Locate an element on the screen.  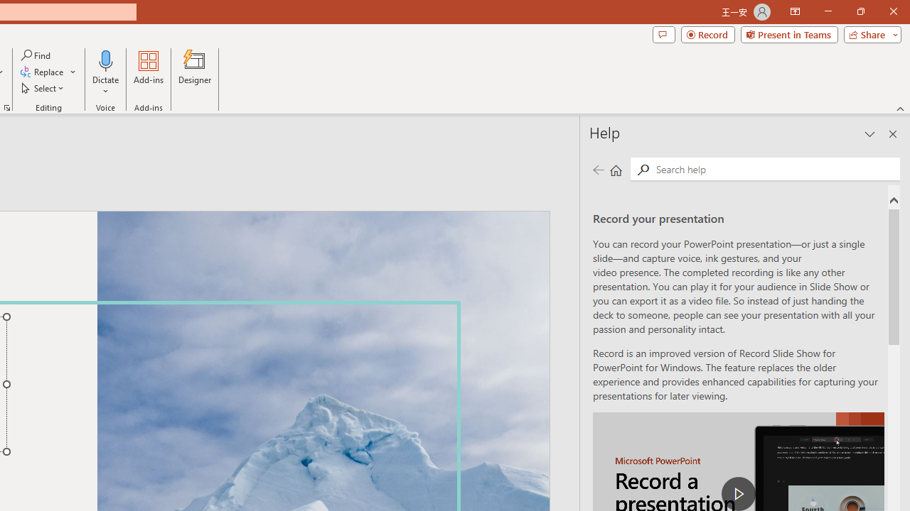
'play Record a Presentation' is located at coordinates (738, 493).